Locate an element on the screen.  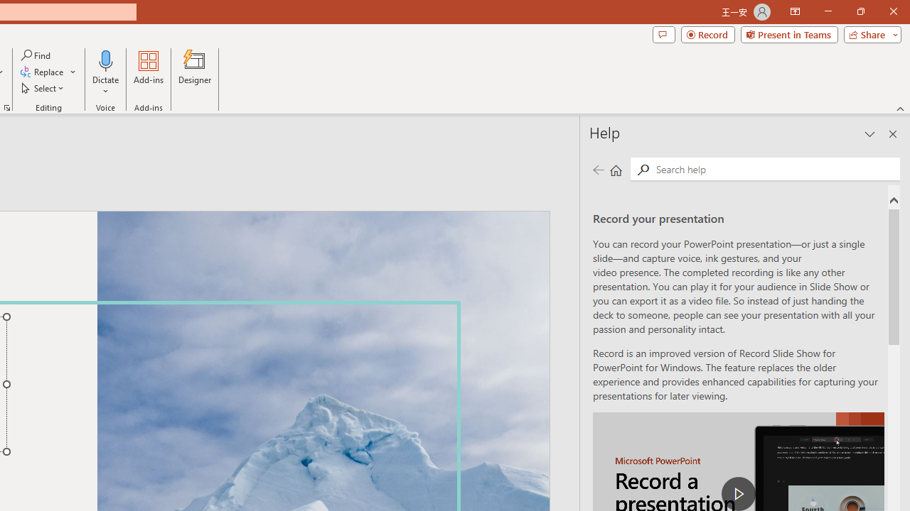
'play Record a Presentation' is located at coordinates (738, 493).